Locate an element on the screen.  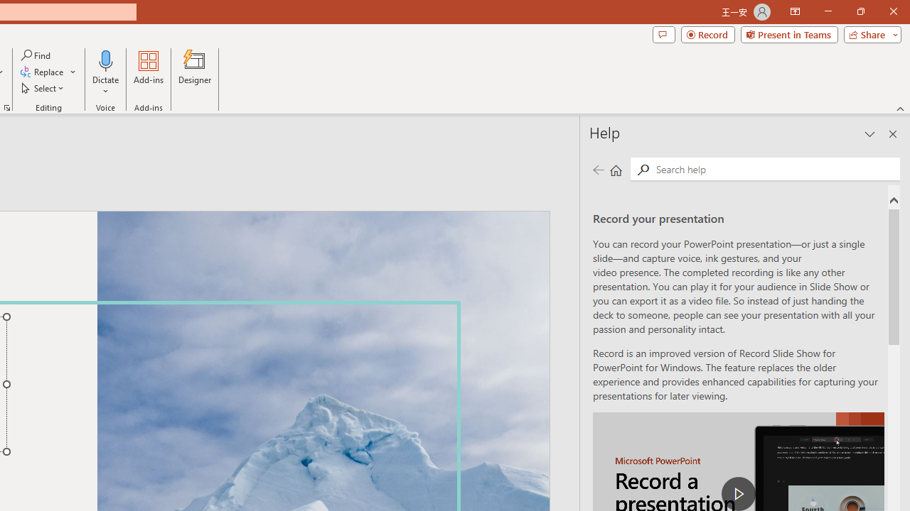
'play Record a Presentation' is located at coordinates (738, 493).